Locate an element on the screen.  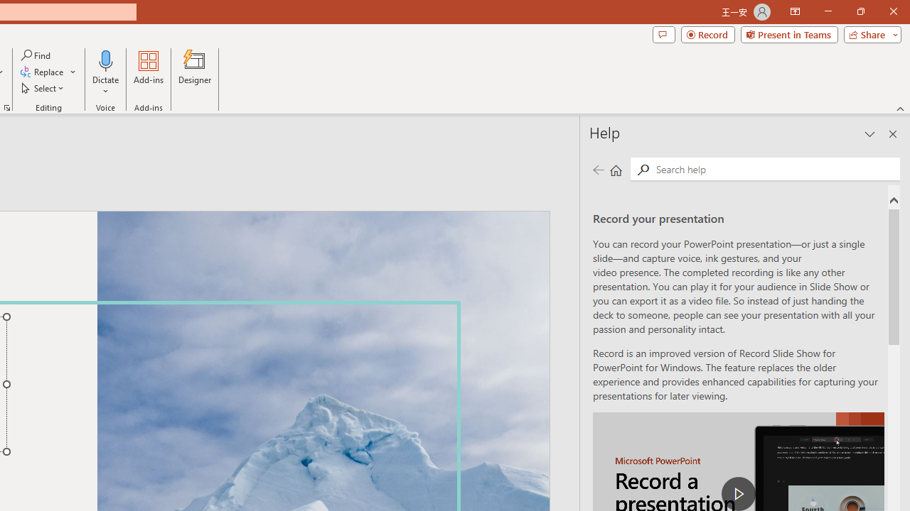
'play Record a Presentation' is located at coordinates (738, 493).